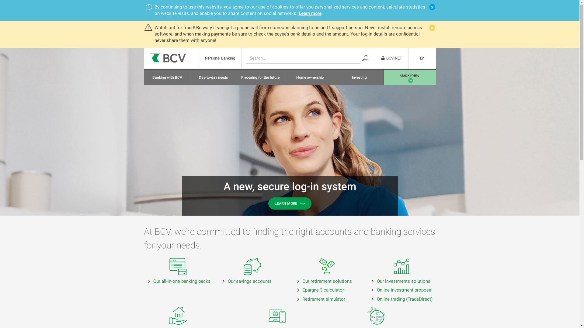  Describe the element at coordinates (260, 77) in the screenshot. I see `'Preparing for the future'` at that location.